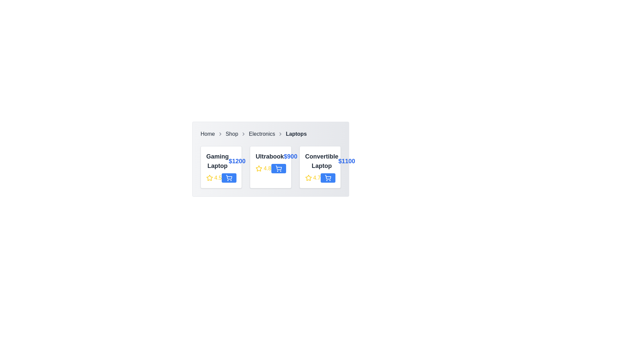  What do you see at coordinates (221, 178) in the screenshot?
I see `the rating value displayed by the star icon and the text '4.5' in yellow, located in the bottom section of the first product card for 'Gaming Laptop'` at bounding box center [221, 178].